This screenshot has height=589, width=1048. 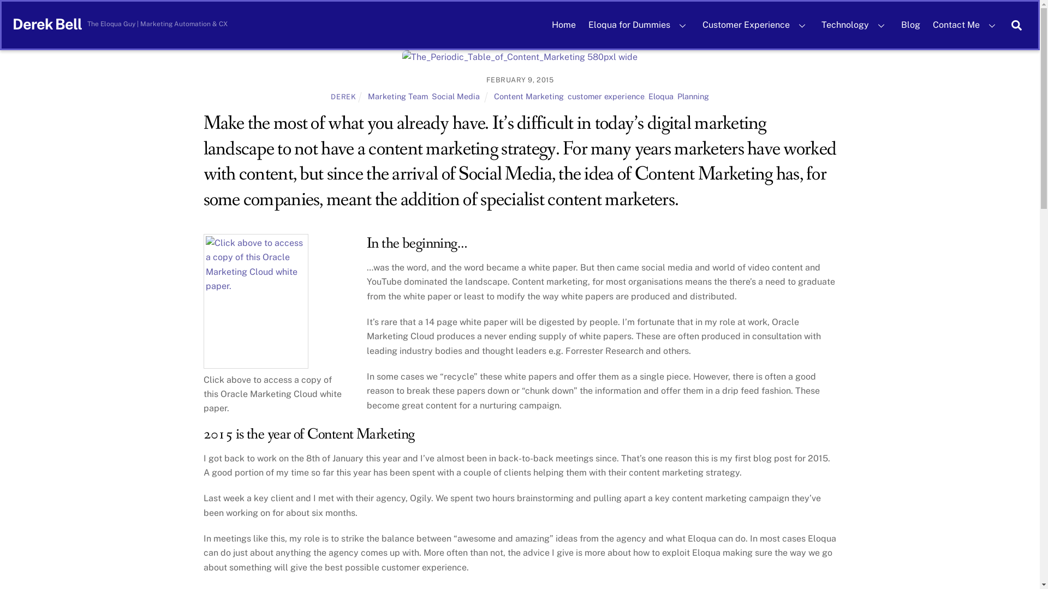 I want to click on 'Eloqua', so click(x=660, y=95).